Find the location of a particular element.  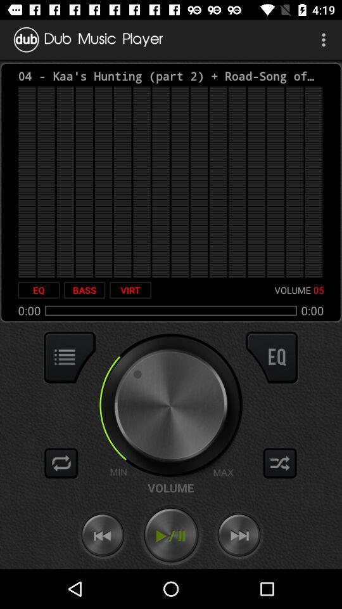

fast forward is located at coordinates (239, 535).